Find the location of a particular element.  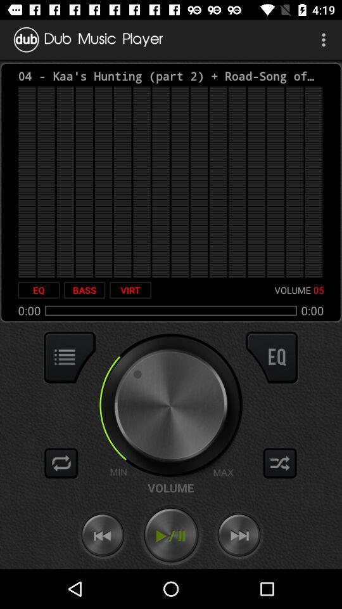

fast forward is located at coordinates (239, 535).